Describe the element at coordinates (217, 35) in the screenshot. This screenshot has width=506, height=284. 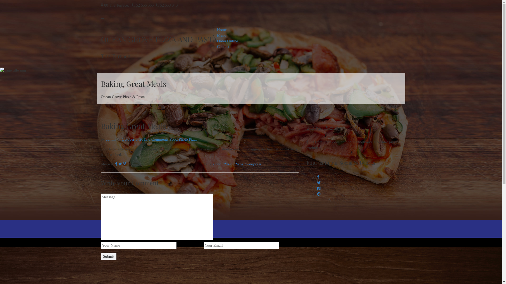
I see `'Menu'` at that location.